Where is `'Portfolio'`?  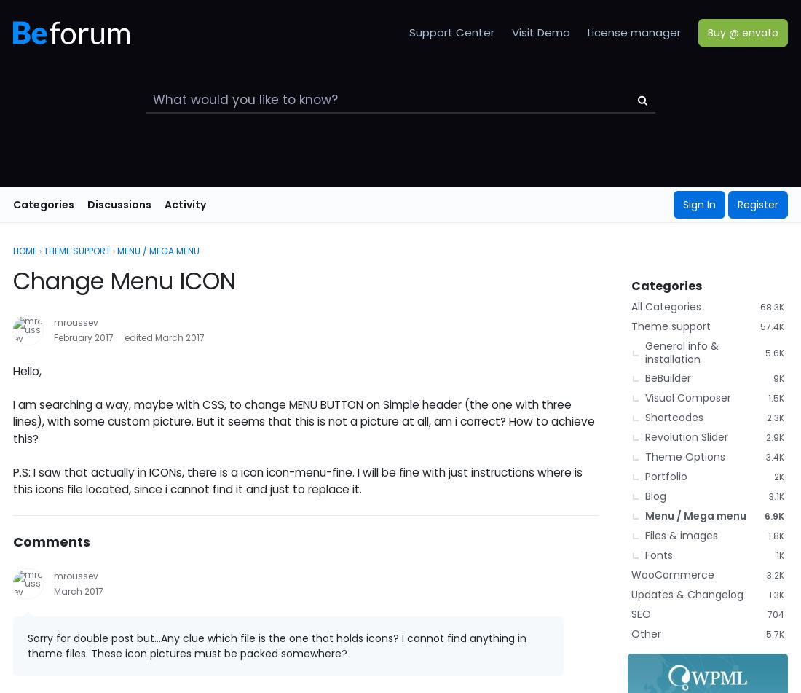 'Portfolio' is located at coordinates (666, 476).